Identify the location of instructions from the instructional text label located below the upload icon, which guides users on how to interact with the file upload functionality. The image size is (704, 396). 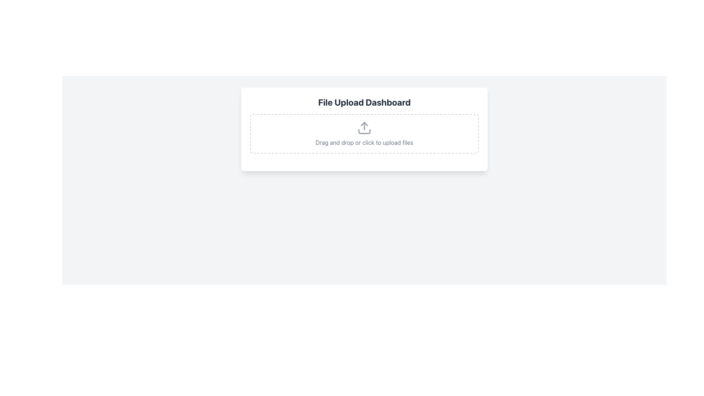
(364, 143).